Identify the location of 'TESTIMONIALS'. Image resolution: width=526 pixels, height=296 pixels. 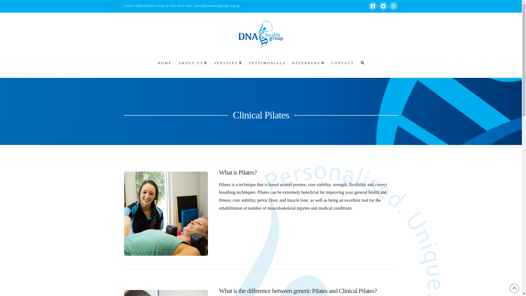
(245, 65).